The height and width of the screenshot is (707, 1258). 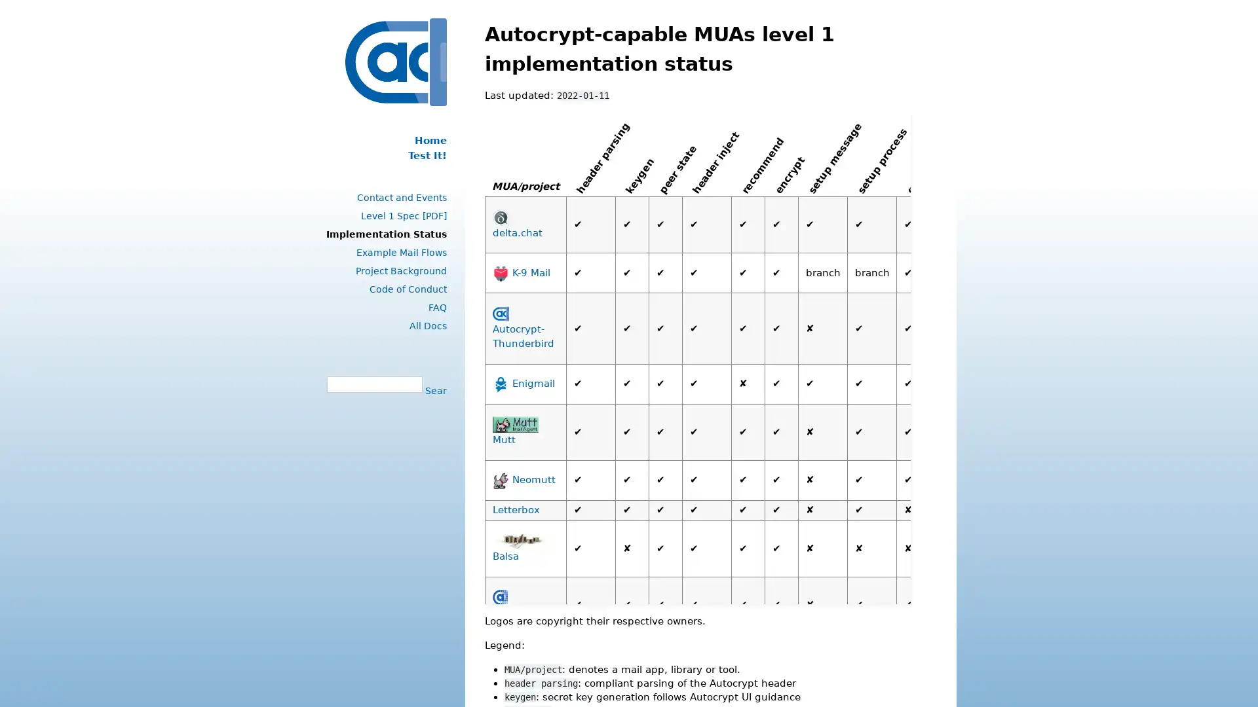 What do you see at coordinates (434, 390) in the screenshot?
I see `Search` at bounding box center [434, 390].